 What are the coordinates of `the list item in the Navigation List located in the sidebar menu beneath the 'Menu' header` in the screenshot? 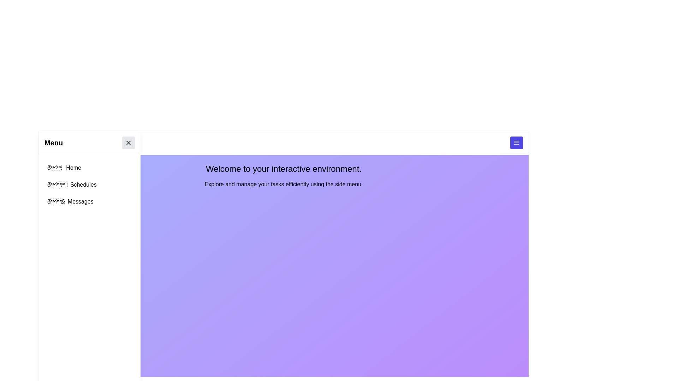 It's located at (89, 185).